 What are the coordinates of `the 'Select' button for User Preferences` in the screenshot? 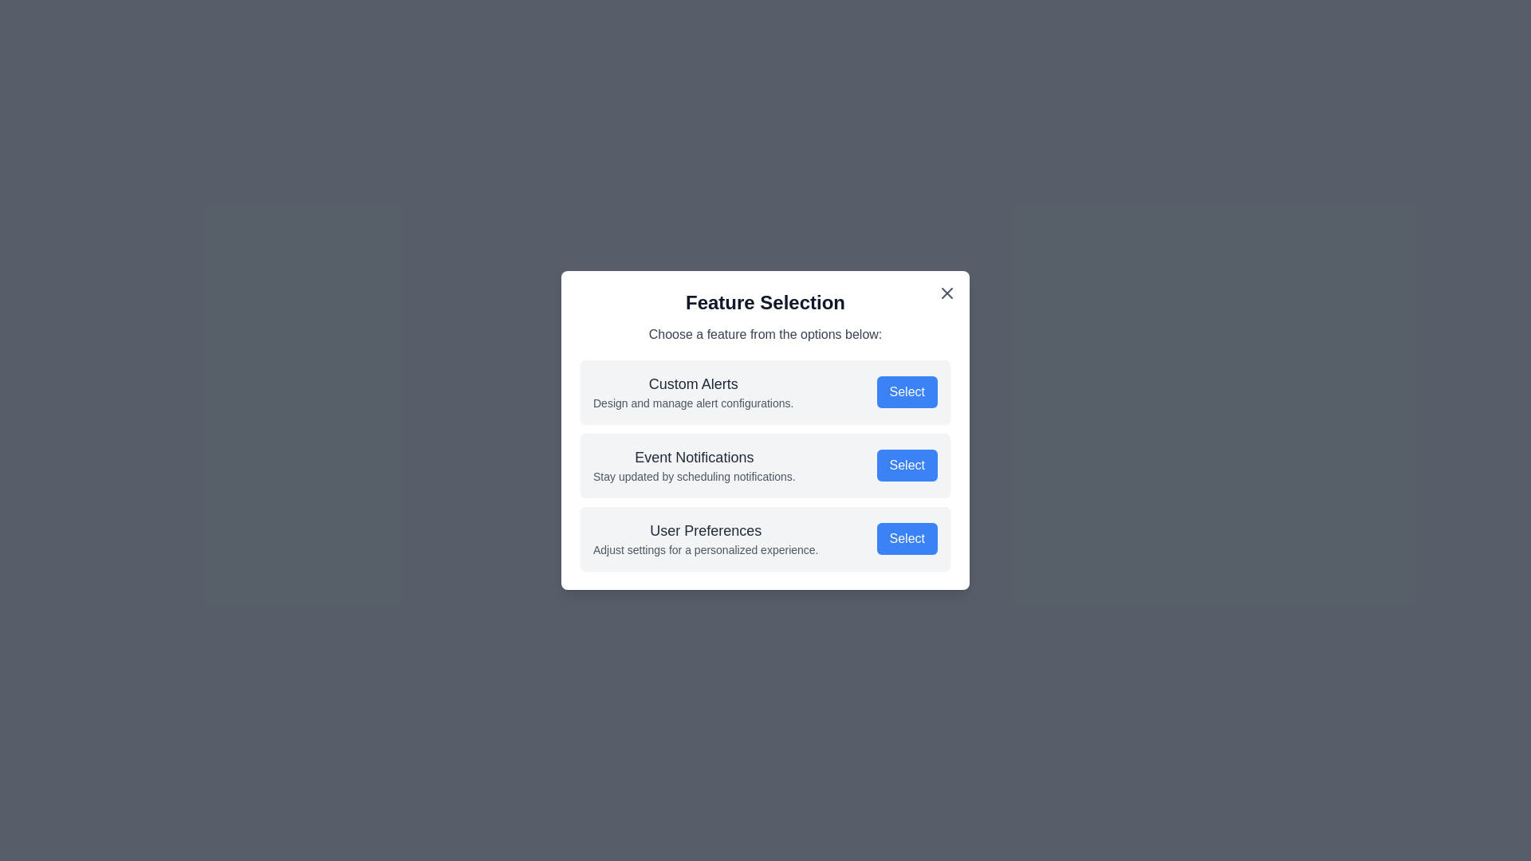 It's located at (907, 538).